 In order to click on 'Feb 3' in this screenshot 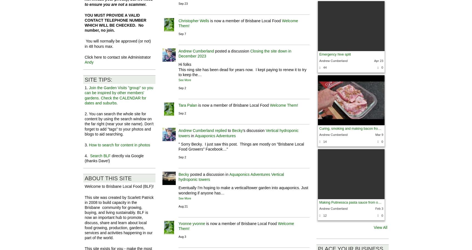, I will do `click(379, 208)`.